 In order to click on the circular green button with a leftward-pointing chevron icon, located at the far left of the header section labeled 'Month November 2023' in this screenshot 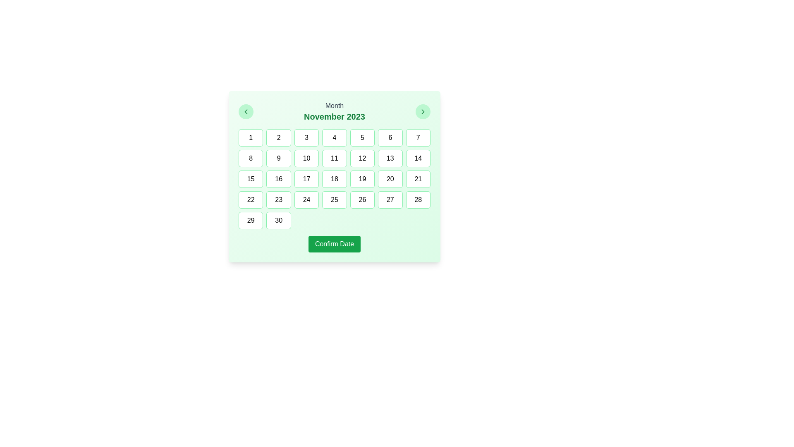, I will do `click(246, 112)`.